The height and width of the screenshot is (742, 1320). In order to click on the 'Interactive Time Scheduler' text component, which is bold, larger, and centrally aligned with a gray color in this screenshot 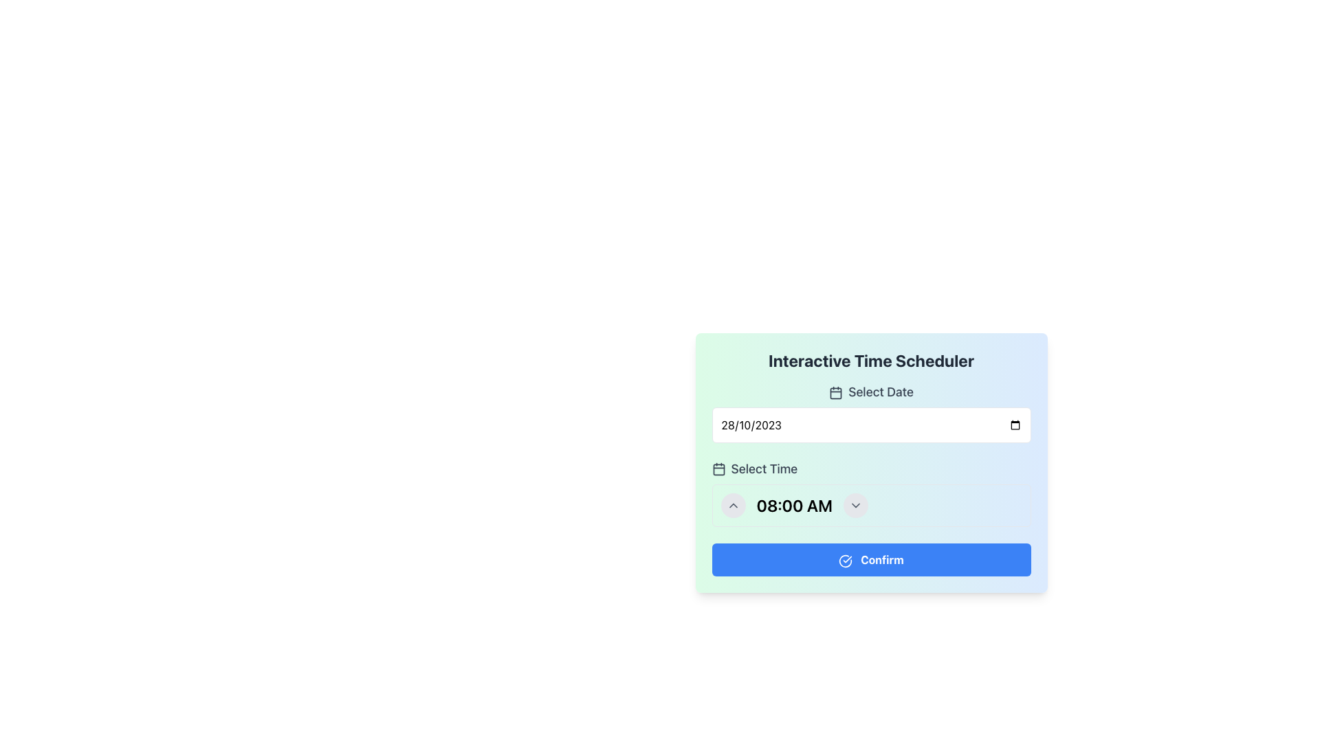, I will do `click(870, 359)`.